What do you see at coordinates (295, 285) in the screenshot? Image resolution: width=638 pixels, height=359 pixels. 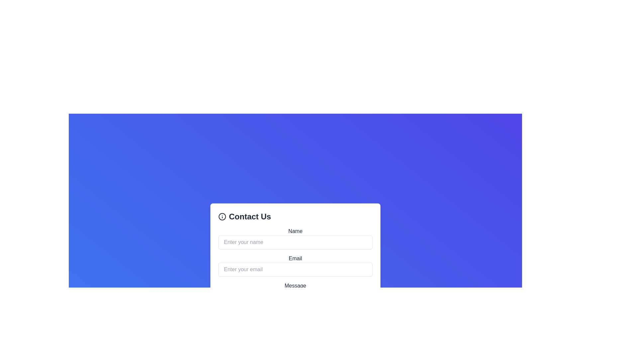 I see `the 'Message' text label, which is a bold, dark-colored label positioned directly above the input text area for user messages` at bounding box center [295, 285].